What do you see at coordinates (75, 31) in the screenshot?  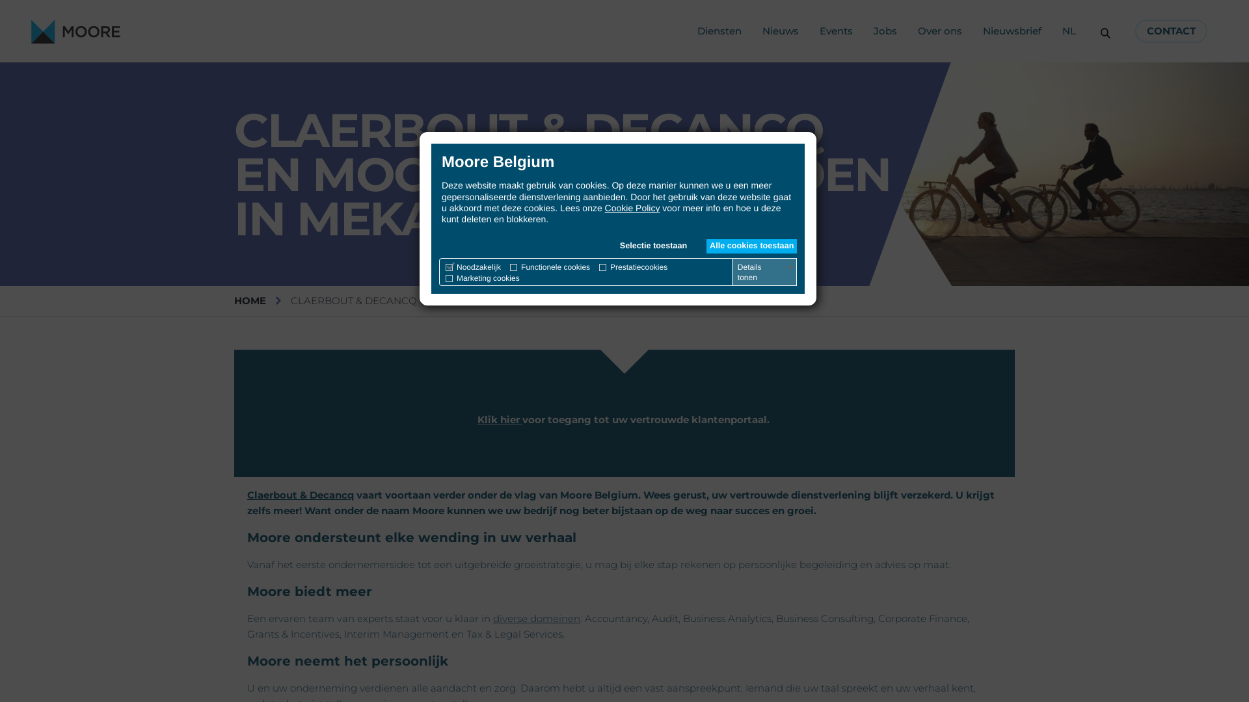 I see `'Moore'` at bounding box center [75, 31].